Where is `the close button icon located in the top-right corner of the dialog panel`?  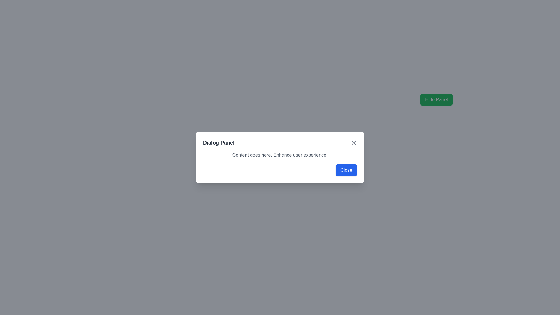
the close button icon located in the top-right corner of the dialog panel is located at coordinates (353, 143).